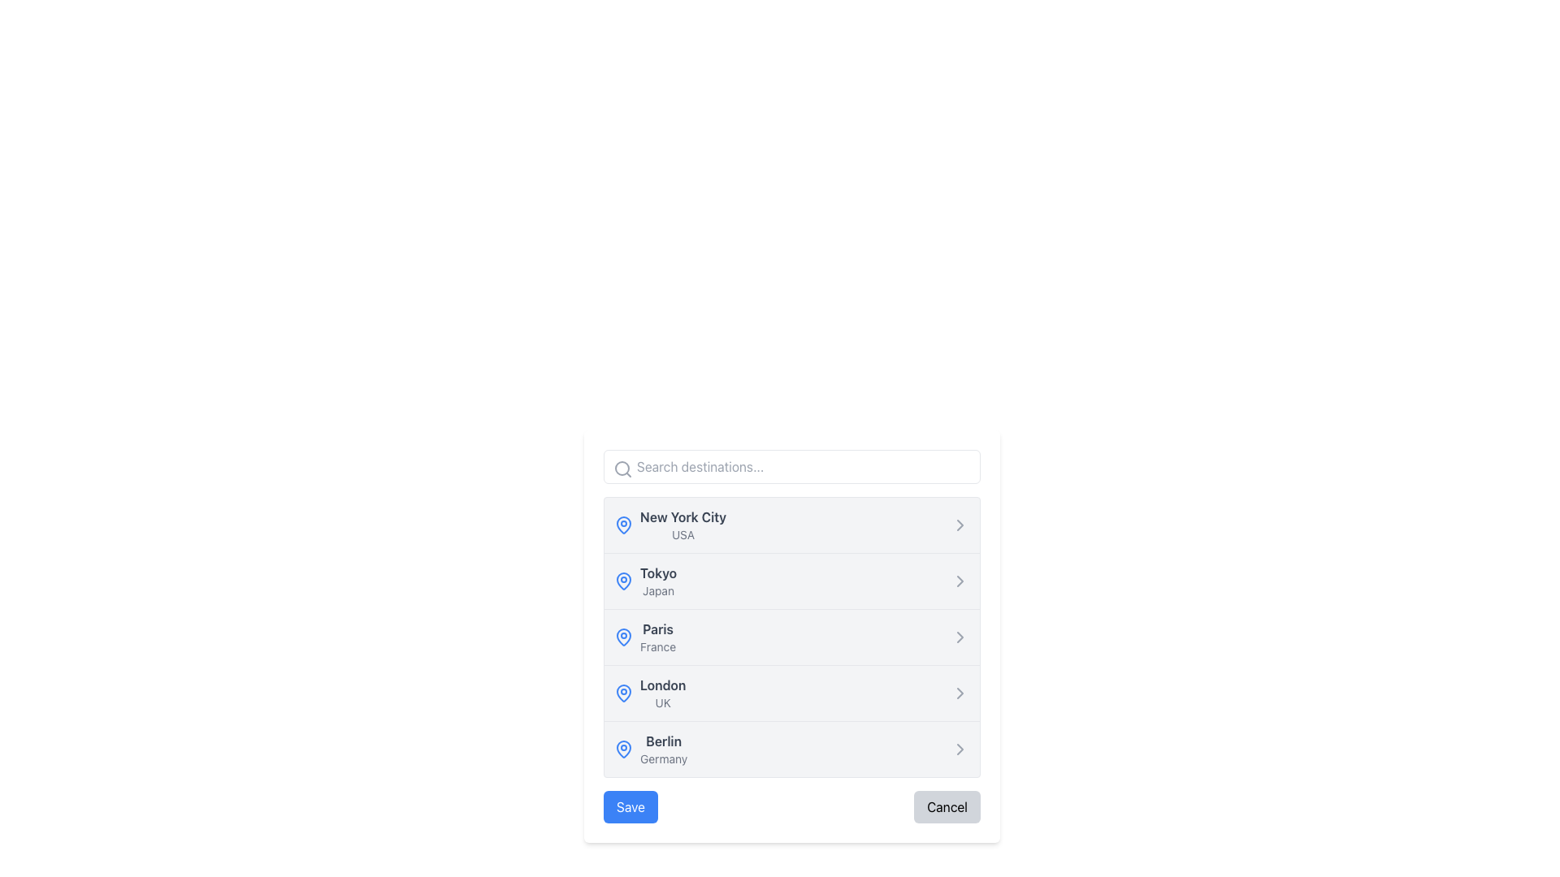 The image size is (1560, 877). What do you see at coordinates (663, 702) in the screenshot?
I see `text label displaying 'UK', which is styled in gray and positioned centrally beneath the 'London' entry in a list of cities` at bounding box center [663, 702].